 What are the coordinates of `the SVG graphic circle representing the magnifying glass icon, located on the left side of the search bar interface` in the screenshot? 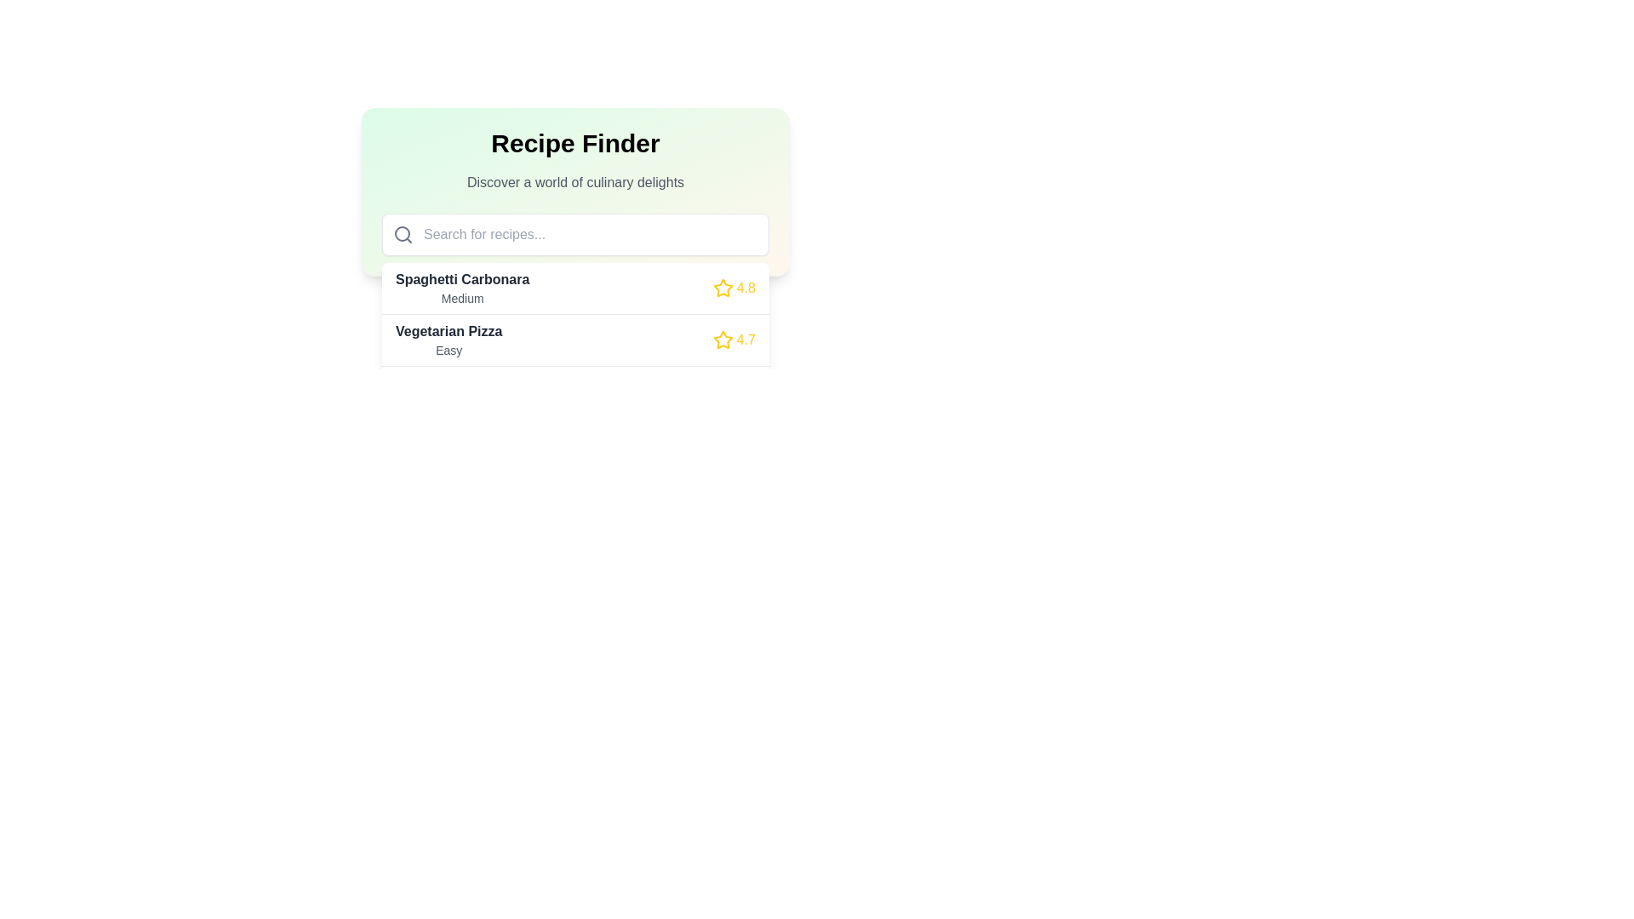 It's located at (402, 233).